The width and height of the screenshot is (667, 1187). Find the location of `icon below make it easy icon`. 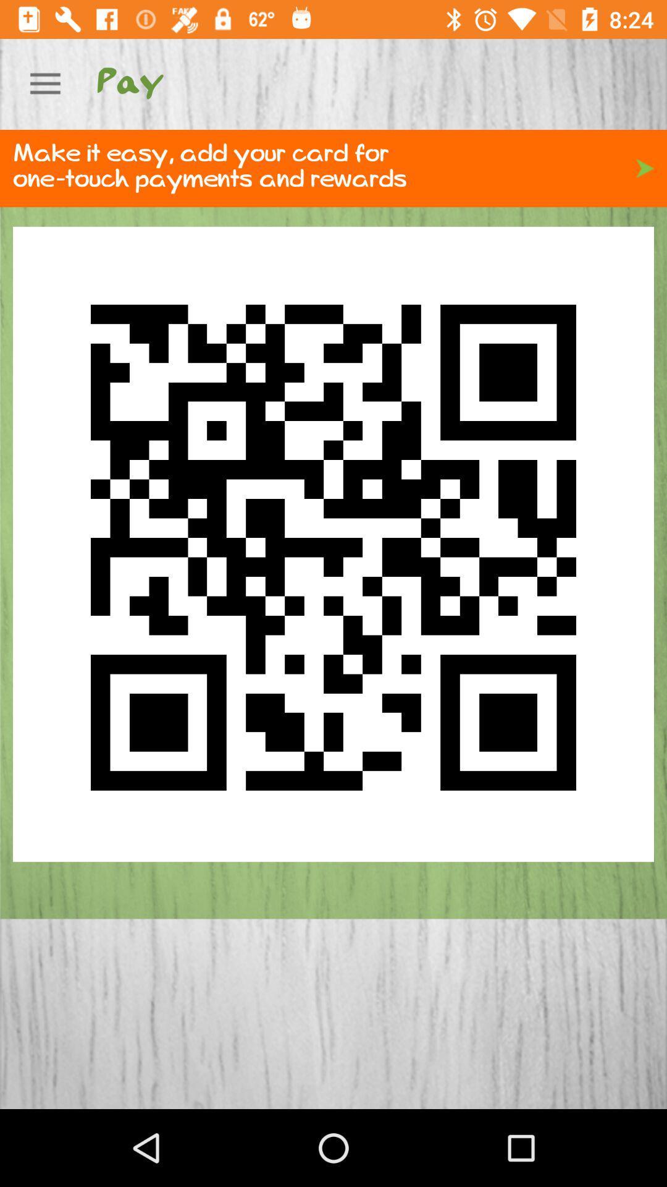

icon below make it easy icon is located at coordinates (333, 544).